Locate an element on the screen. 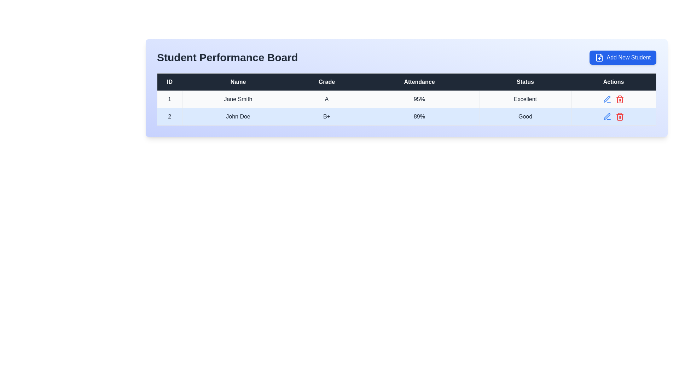  the Attendance header label in the table that indicates attendance percentages for each row is located at coordinates (419, 81).